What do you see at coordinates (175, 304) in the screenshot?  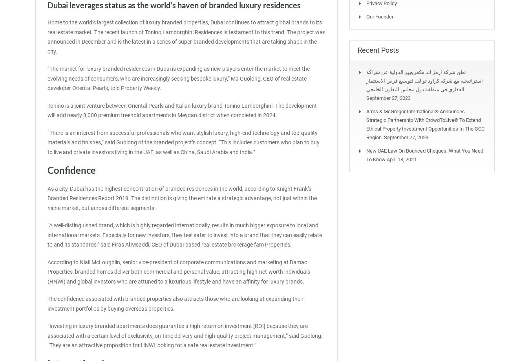 I see `'The confidence associated with branded properties also attracts those who are looking at expanding their investment portfolios by buying overseas properties.'` at bounding box center [175, 304].